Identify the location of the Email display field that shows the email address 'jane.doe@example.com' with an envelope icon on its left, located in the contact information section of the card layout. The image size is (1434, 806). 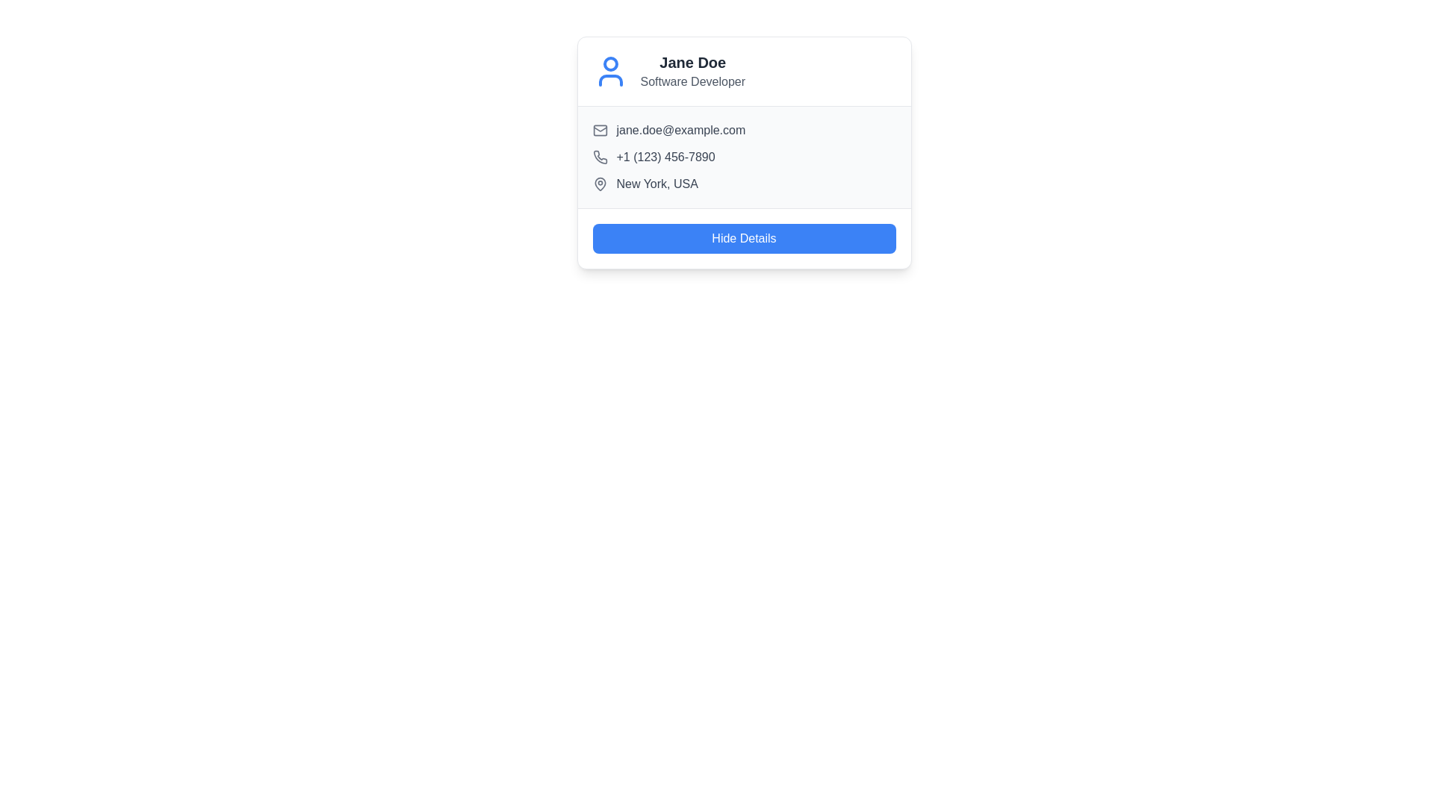
(744, 129).